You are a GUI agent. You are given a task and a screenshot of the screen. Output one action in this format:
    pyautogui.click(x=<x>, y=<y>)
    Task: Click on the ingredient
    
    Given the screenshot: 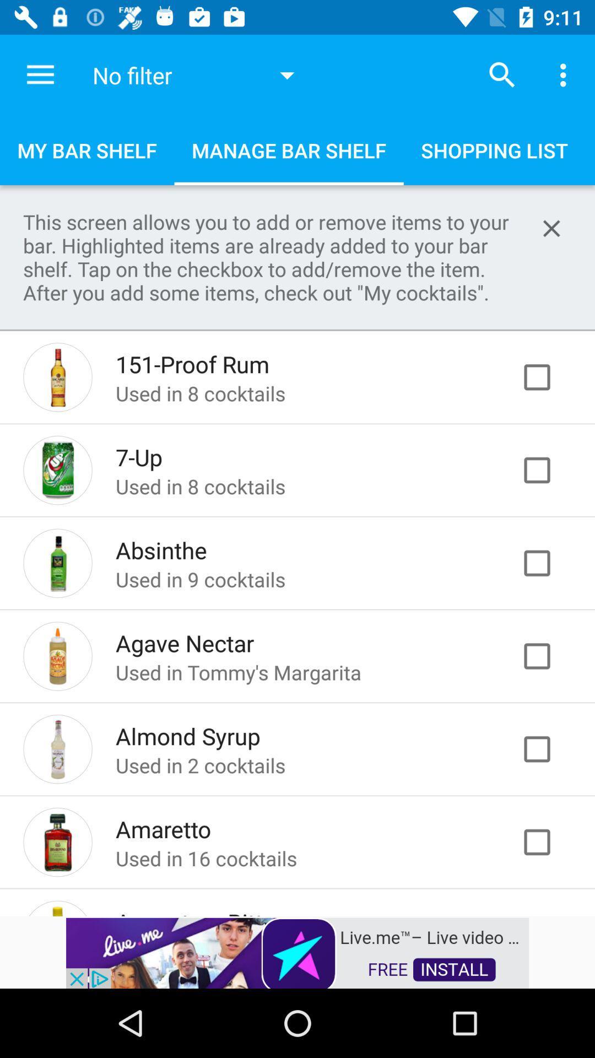 What is the action you would take?
    pyautogui.click(x=548, y=656)
    